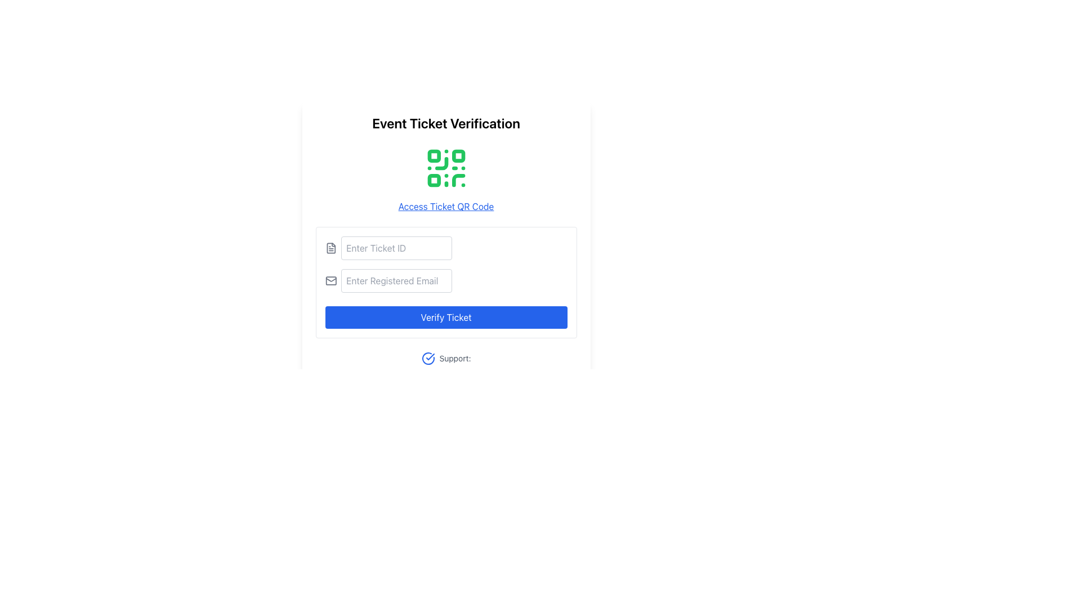 This screenshot has height=608, width=1081. What do you see at coordinates (445, 358) in the screenshot?
I see `the support information text with an icon located at the bottom section of the interface, below the 'Verify Ticket' button` at bounding box center [445, 358].